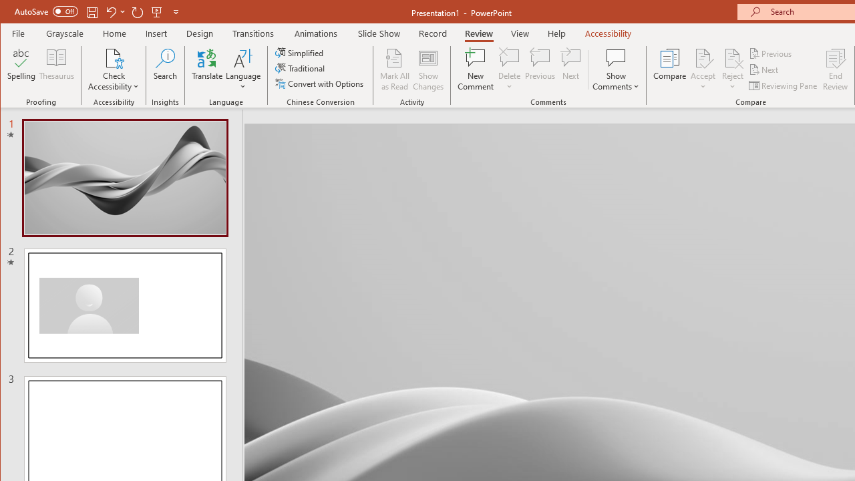 This screenshot has height=481, width=855. What do you see at coordinates (243, 69) in the screenshot?
I see `'Language'` at bounding box center [243, 69].